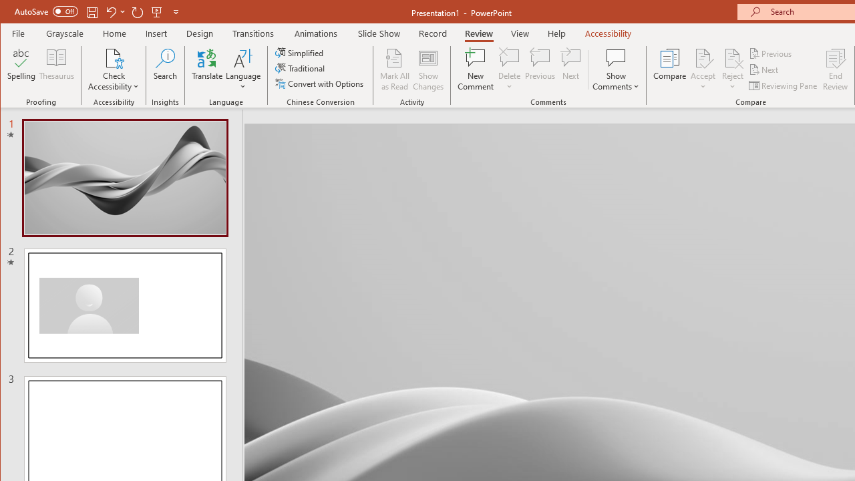 This screenshot has height=481, width=855. What do you see at coordinates (243, 69) in the screenshot?
I see `'Language'` at bounding box center [243, 69].